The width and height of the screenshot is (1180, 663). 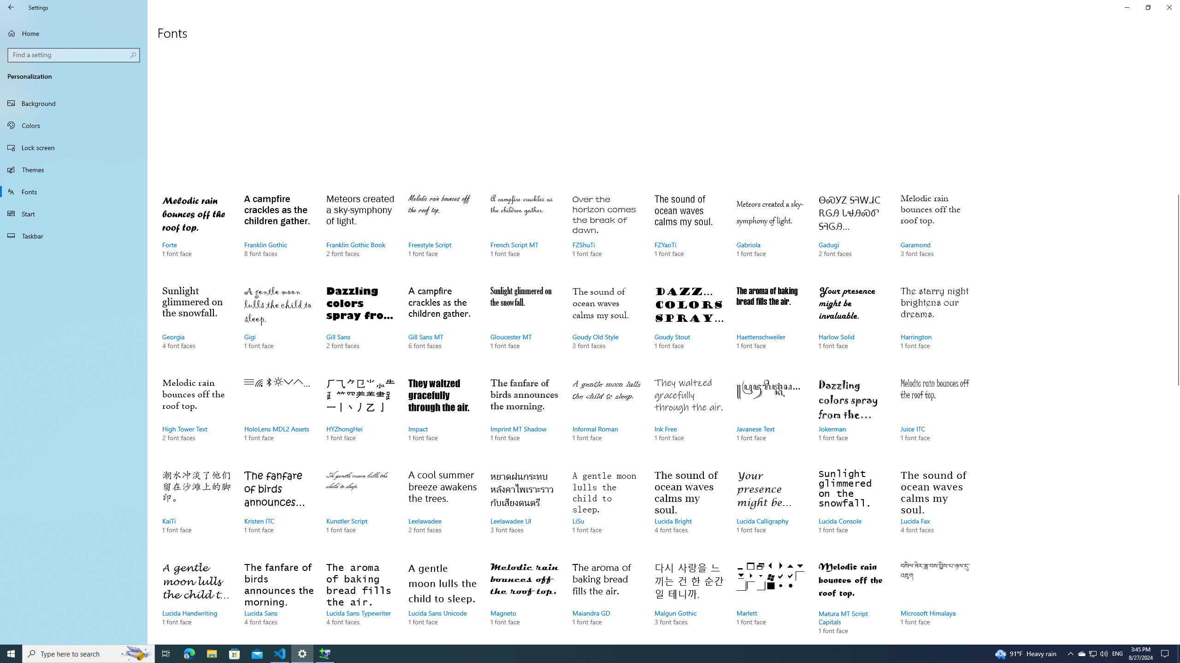 What do you see at coordinates (572, 653) in the screenshot?
I see `'Running applications'` at bounding box center [572, 653].